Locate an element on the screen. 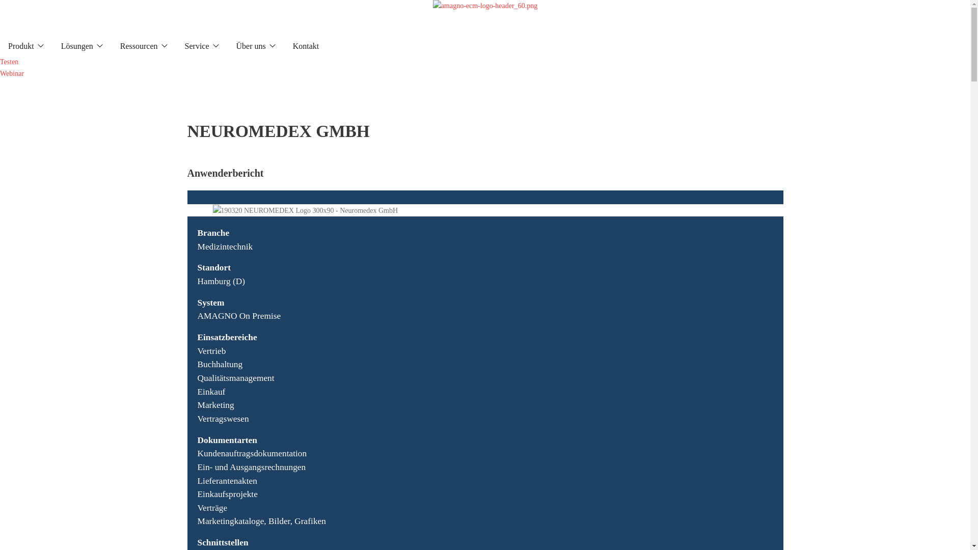 Image resolution: width=978 pixels, height=550 pixels. 'Webinar' is located at coordinates (0, 73).